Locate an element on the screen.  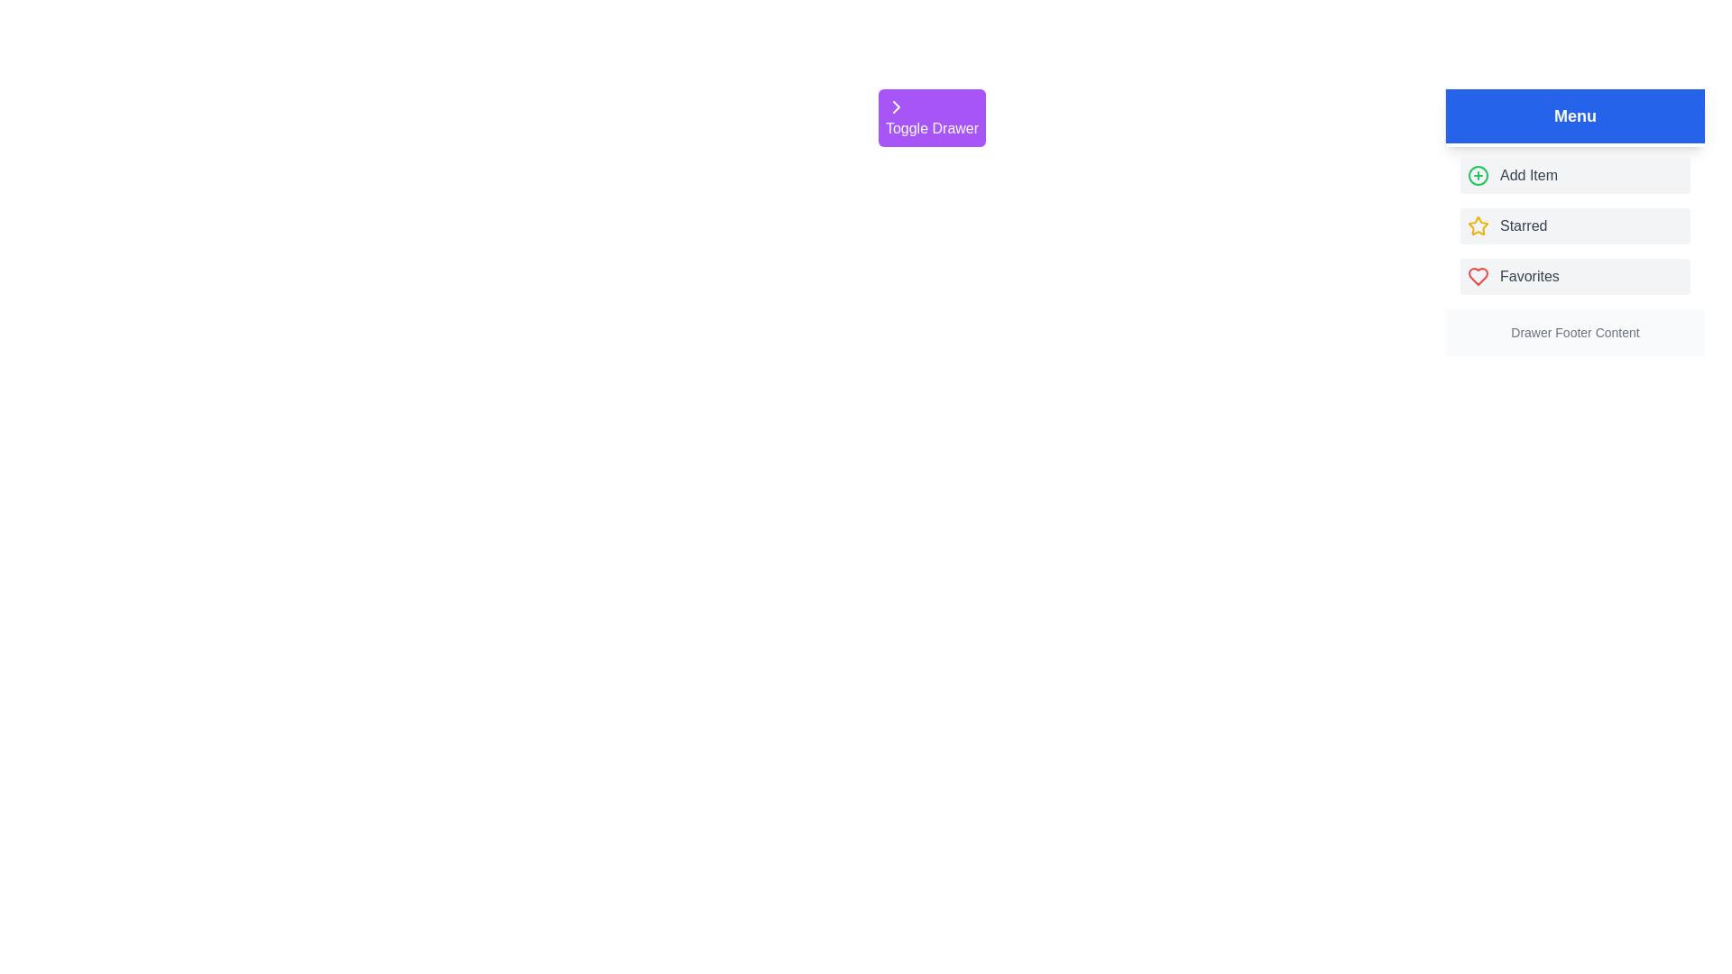
'Toggle Drawer' button to toggle the drawer open or closed is located at coordinates (932, 118).